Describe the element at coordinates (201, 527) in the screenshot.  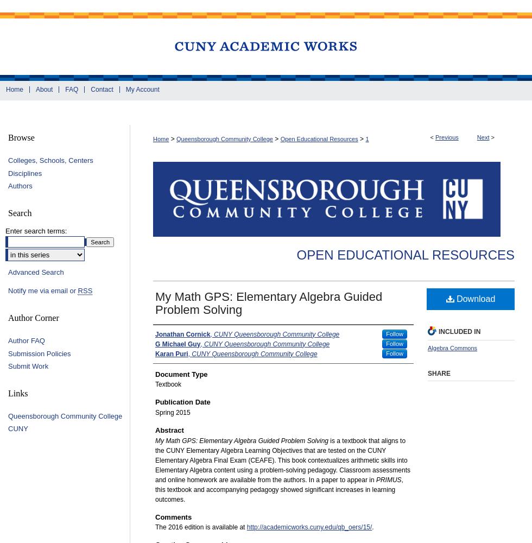
I see `'The 2016 edition is available at'` at that location.